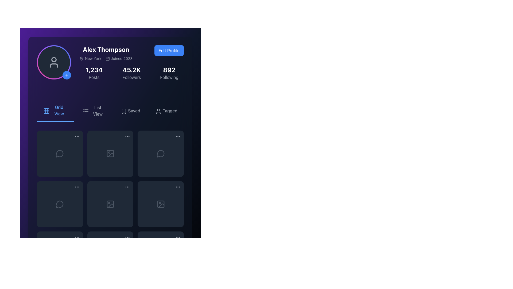  What do you see at coordinates (110, 204) in the screenshot?
I see `the icon representing an image or pictorial content located` at bounding box center [110, 204].